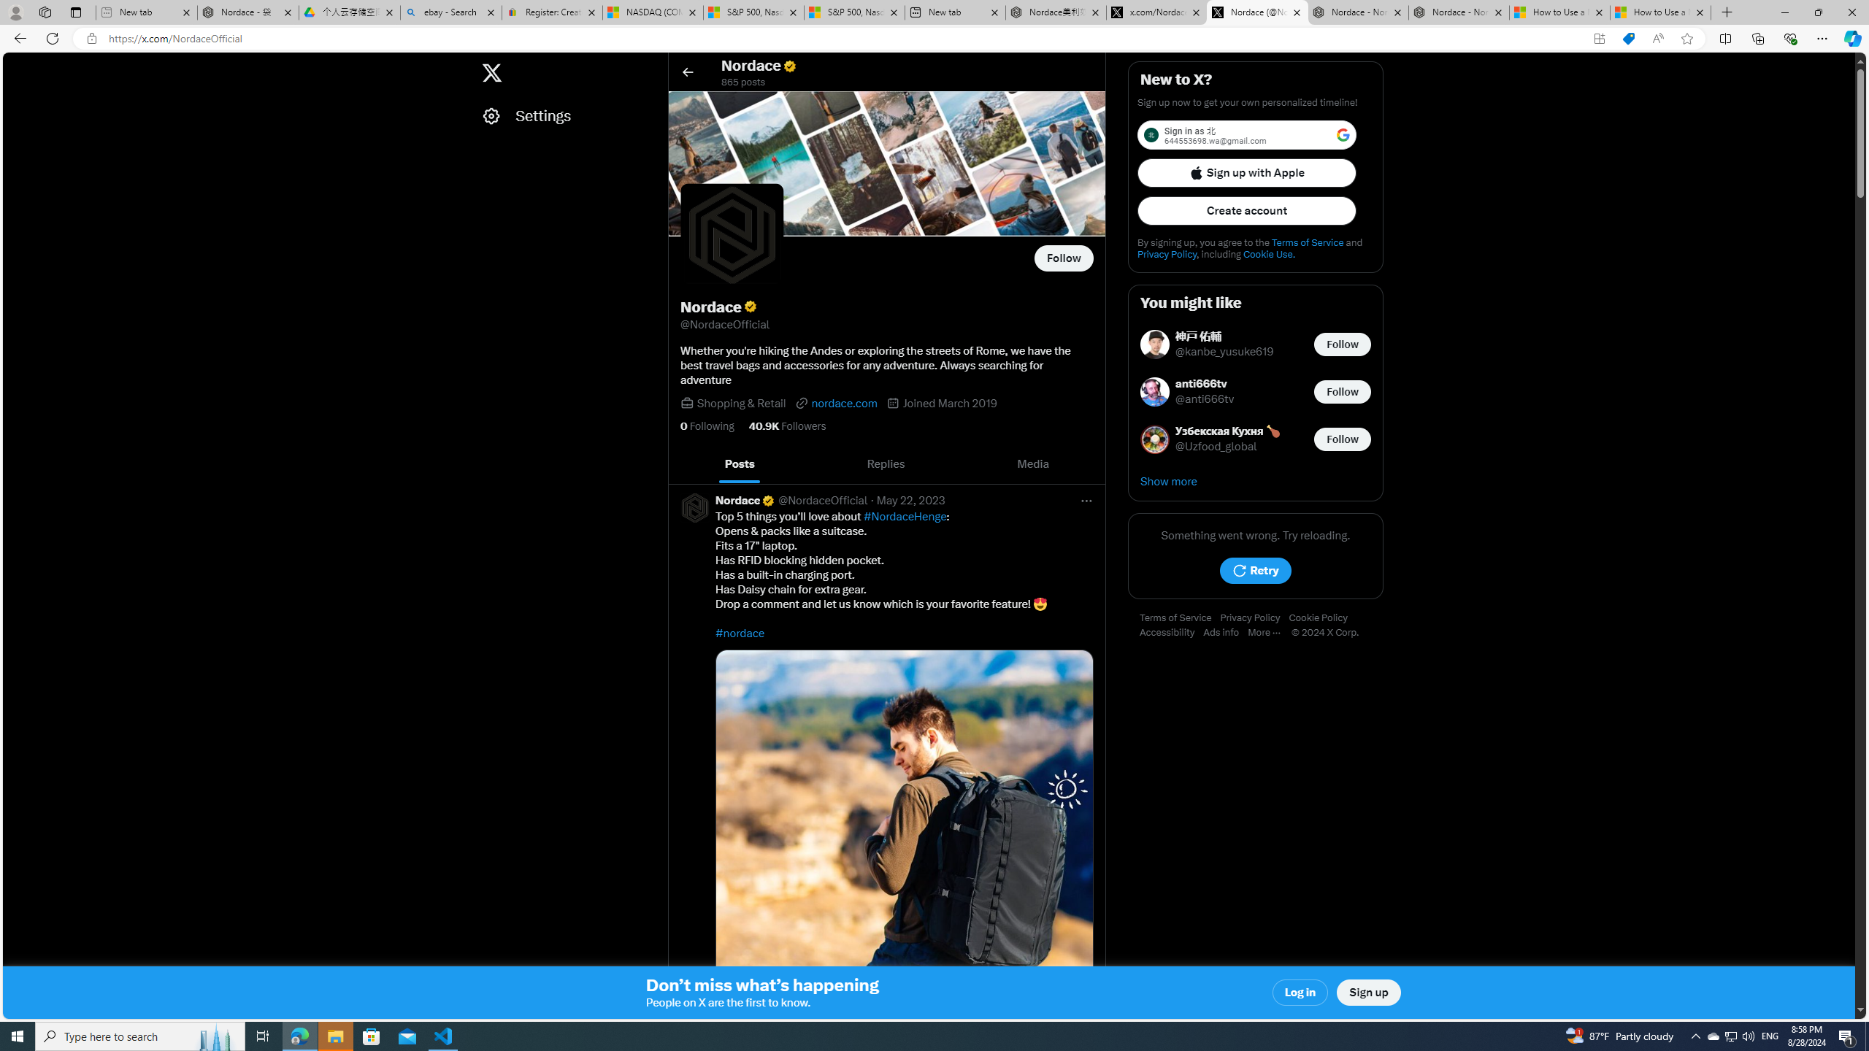  Describe the element at coordinates (1342, 439) in the screenshot. I see `'Follow @Uzfood_global'` at that location.